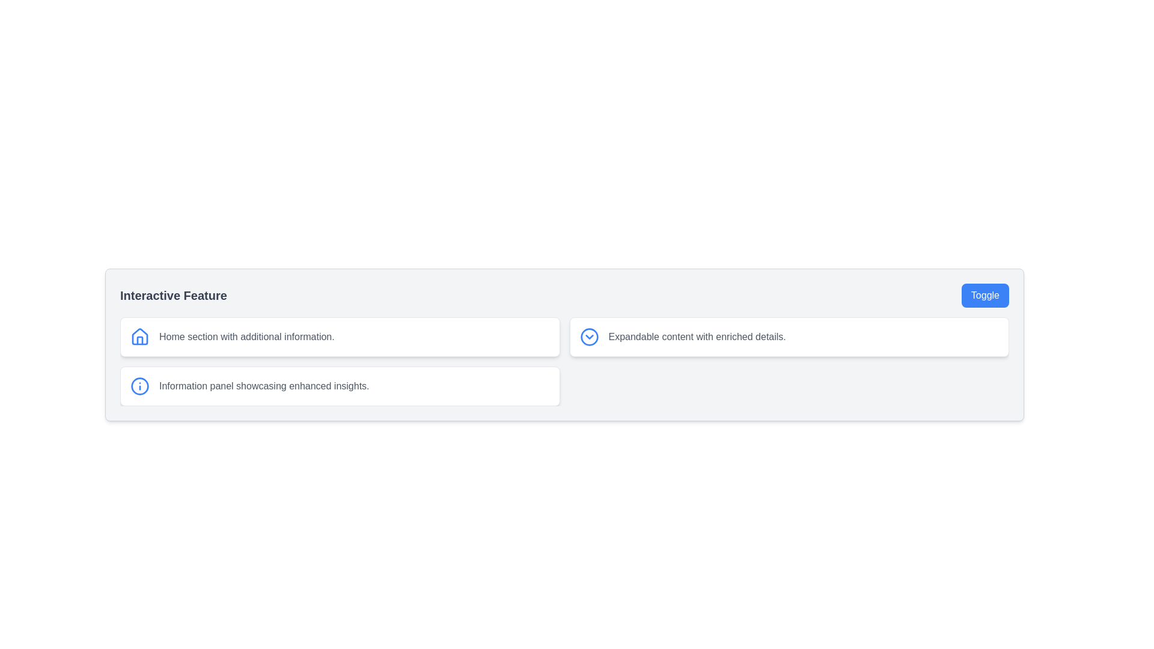 Image resolution: width=1154 pixels, height=649 pixels. I want to click on the graphic circle element within the information SVG icon located in the lower left interactive panel, so click(140, 386).